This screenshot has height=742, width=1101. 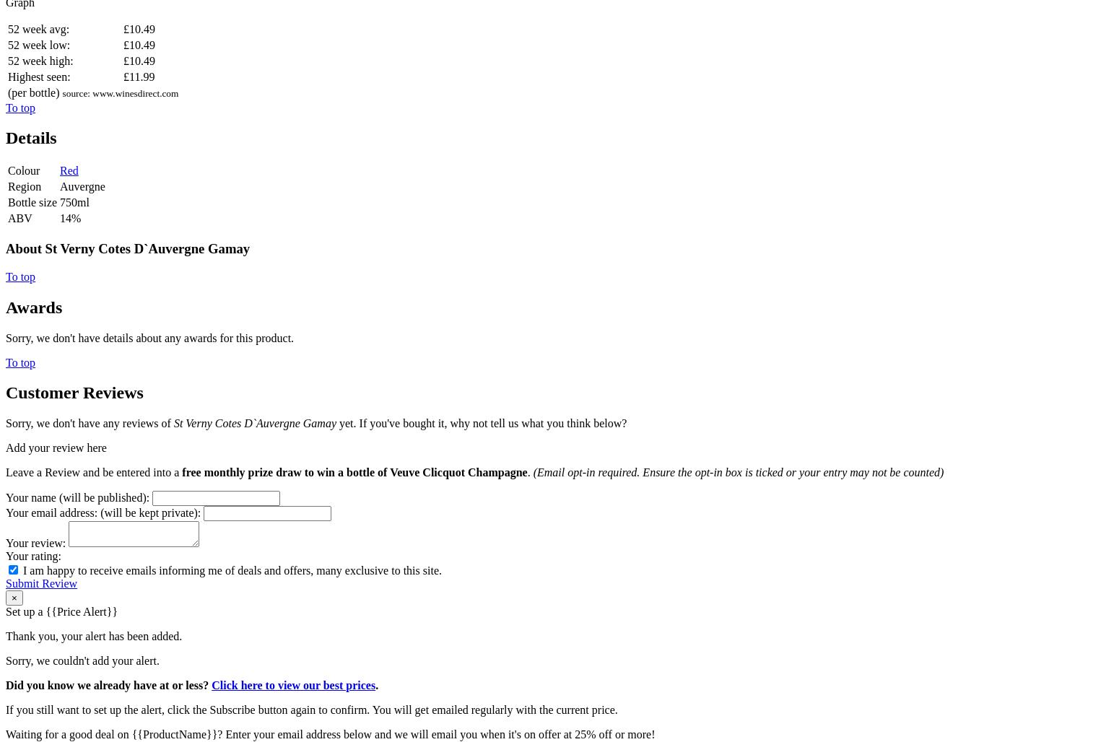 I want to click on 'Did you know we already have', so click(x=82, y=685).